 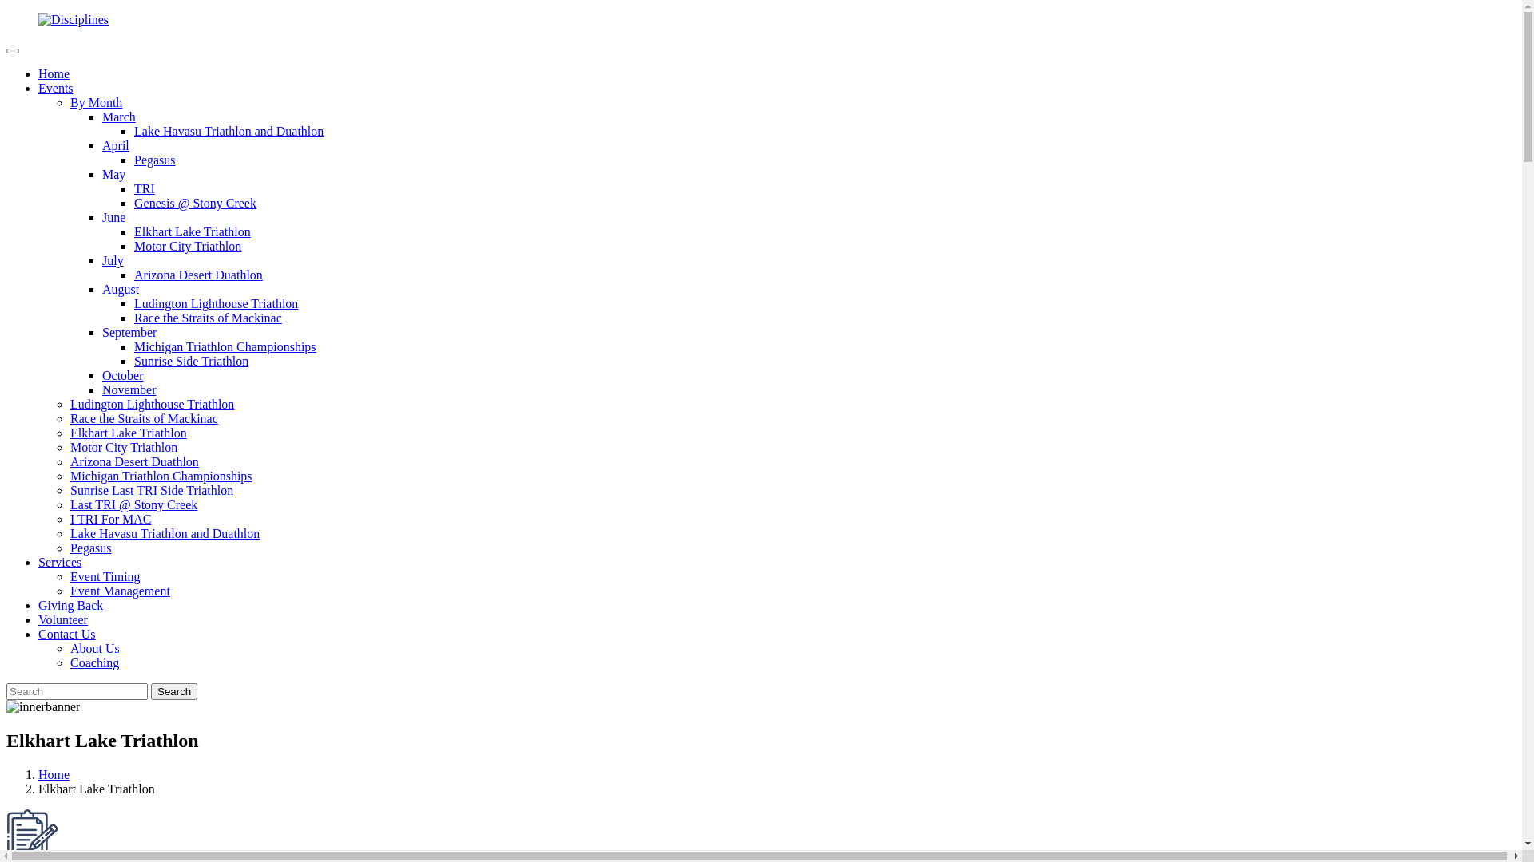 What do you see at coordinates (70, 605) in the screenshot?
I see `'Giving Back'` at bounding box center [70, 605].